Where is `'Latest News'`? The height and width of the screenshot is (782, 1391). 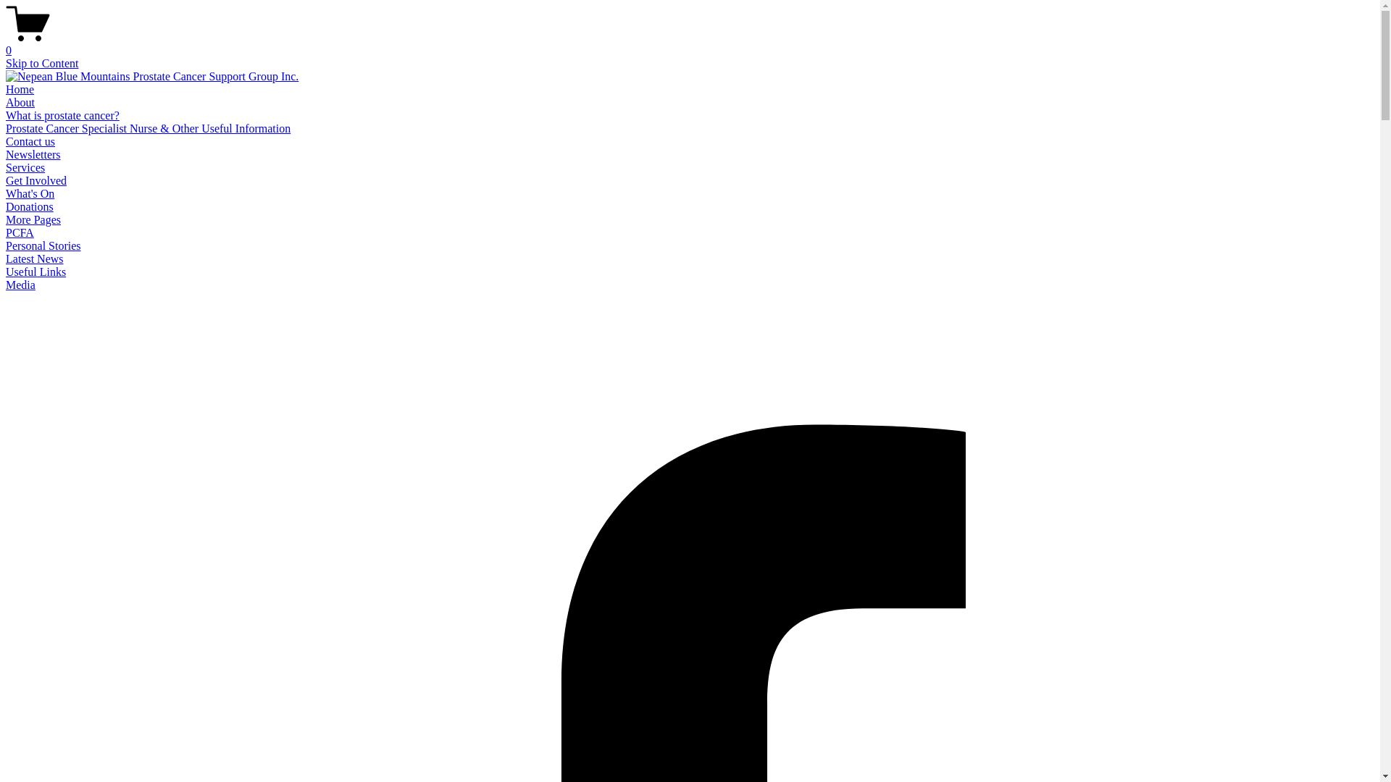
'Latest News' is located at coordinates (35, 258).